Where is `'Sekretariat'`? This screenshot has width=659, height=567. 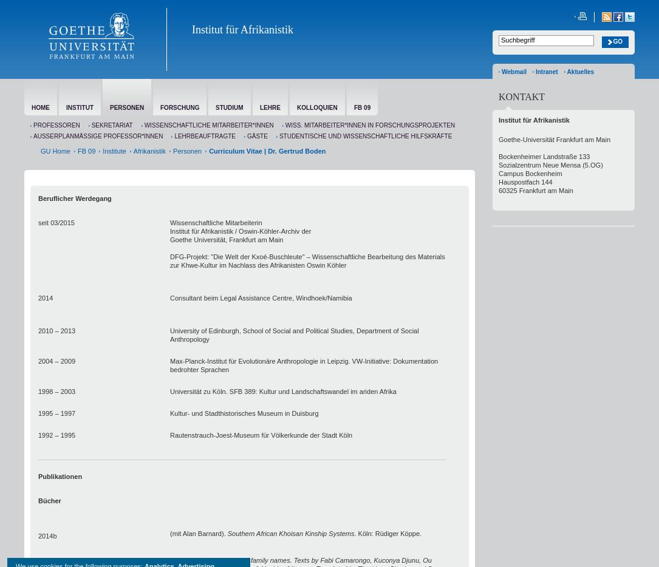 'Sekretariat' is located at coordinates (112, 124).